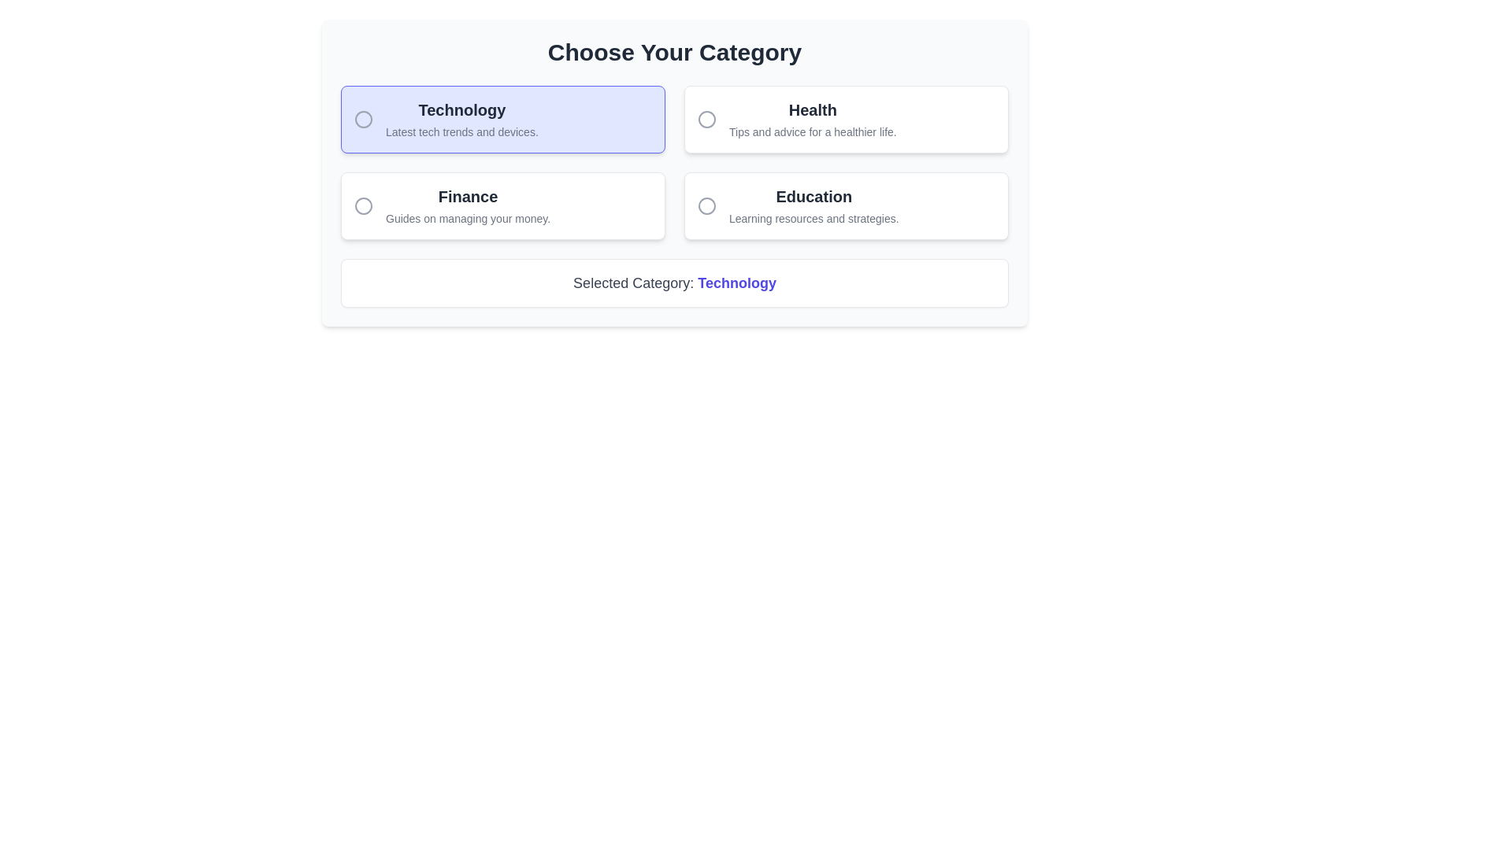 The height and width of the screenshot is (850, 1512). What do you see at coordinates (461, 118) in the screenshot?
I see `descriptive text of the 'Technology' category label, which is located in the top-left corner of the category selection grid` at bounding box center [461, 118].